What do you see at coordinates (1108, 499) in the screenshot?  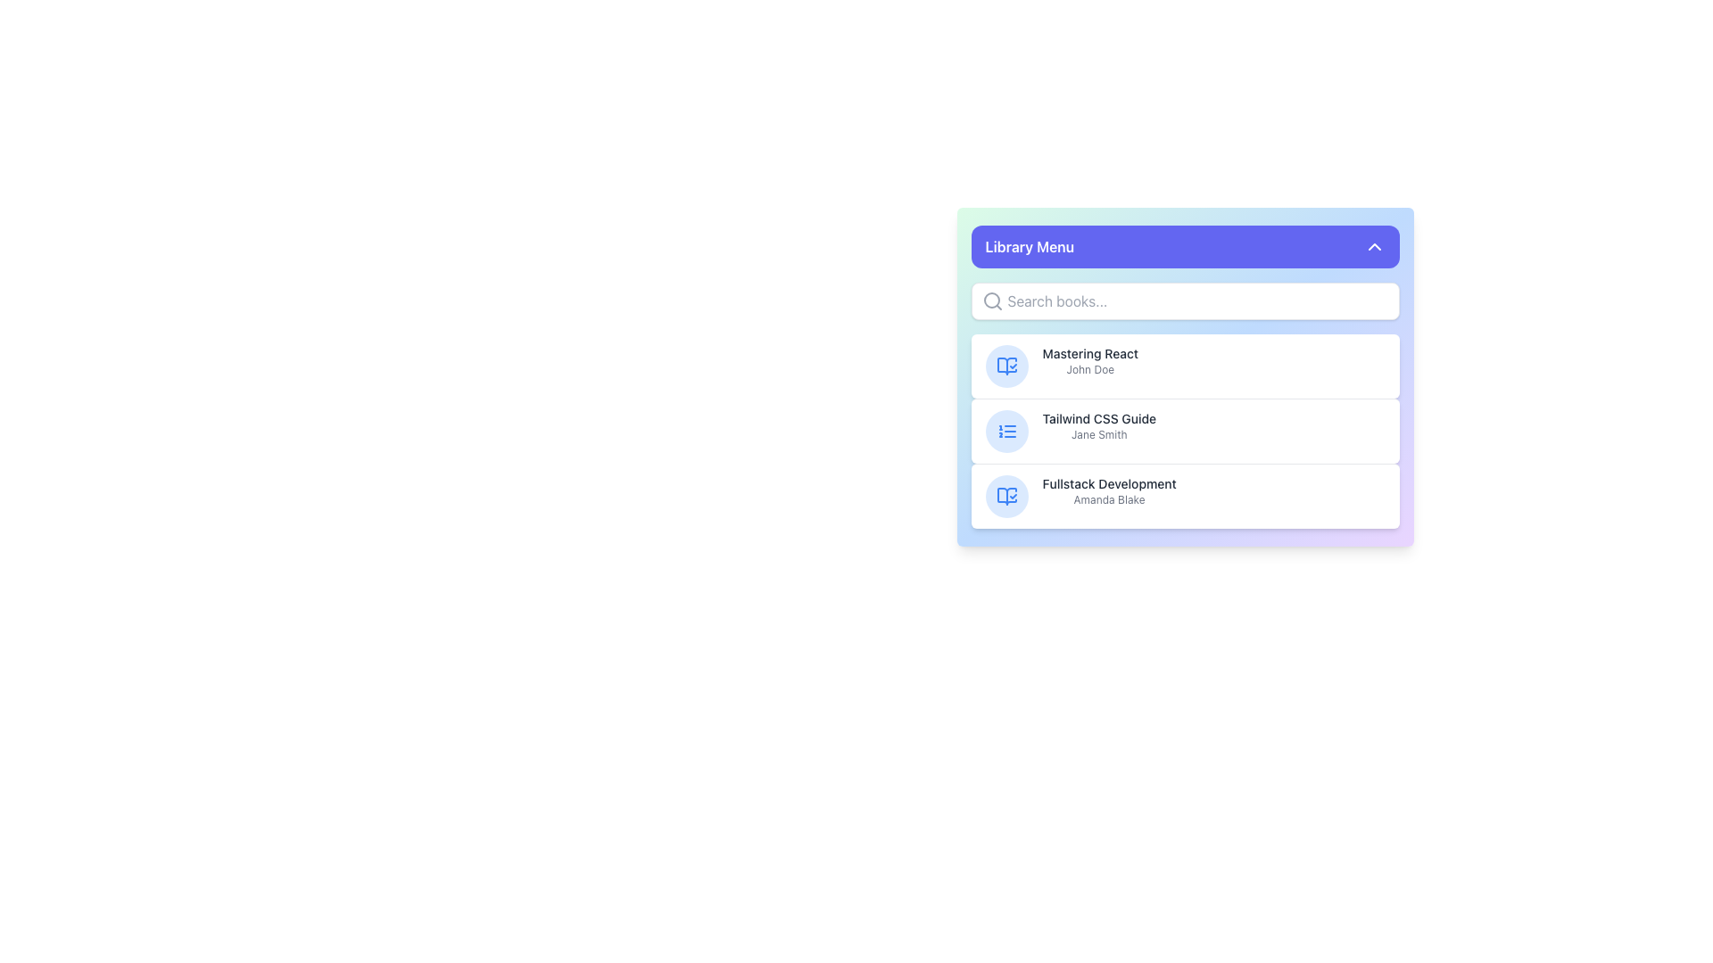 I see `the text label located in the third row beneath the 'Fullstack Development' header in the 'Library Menu' interface` at bounding box center [1108, 499].